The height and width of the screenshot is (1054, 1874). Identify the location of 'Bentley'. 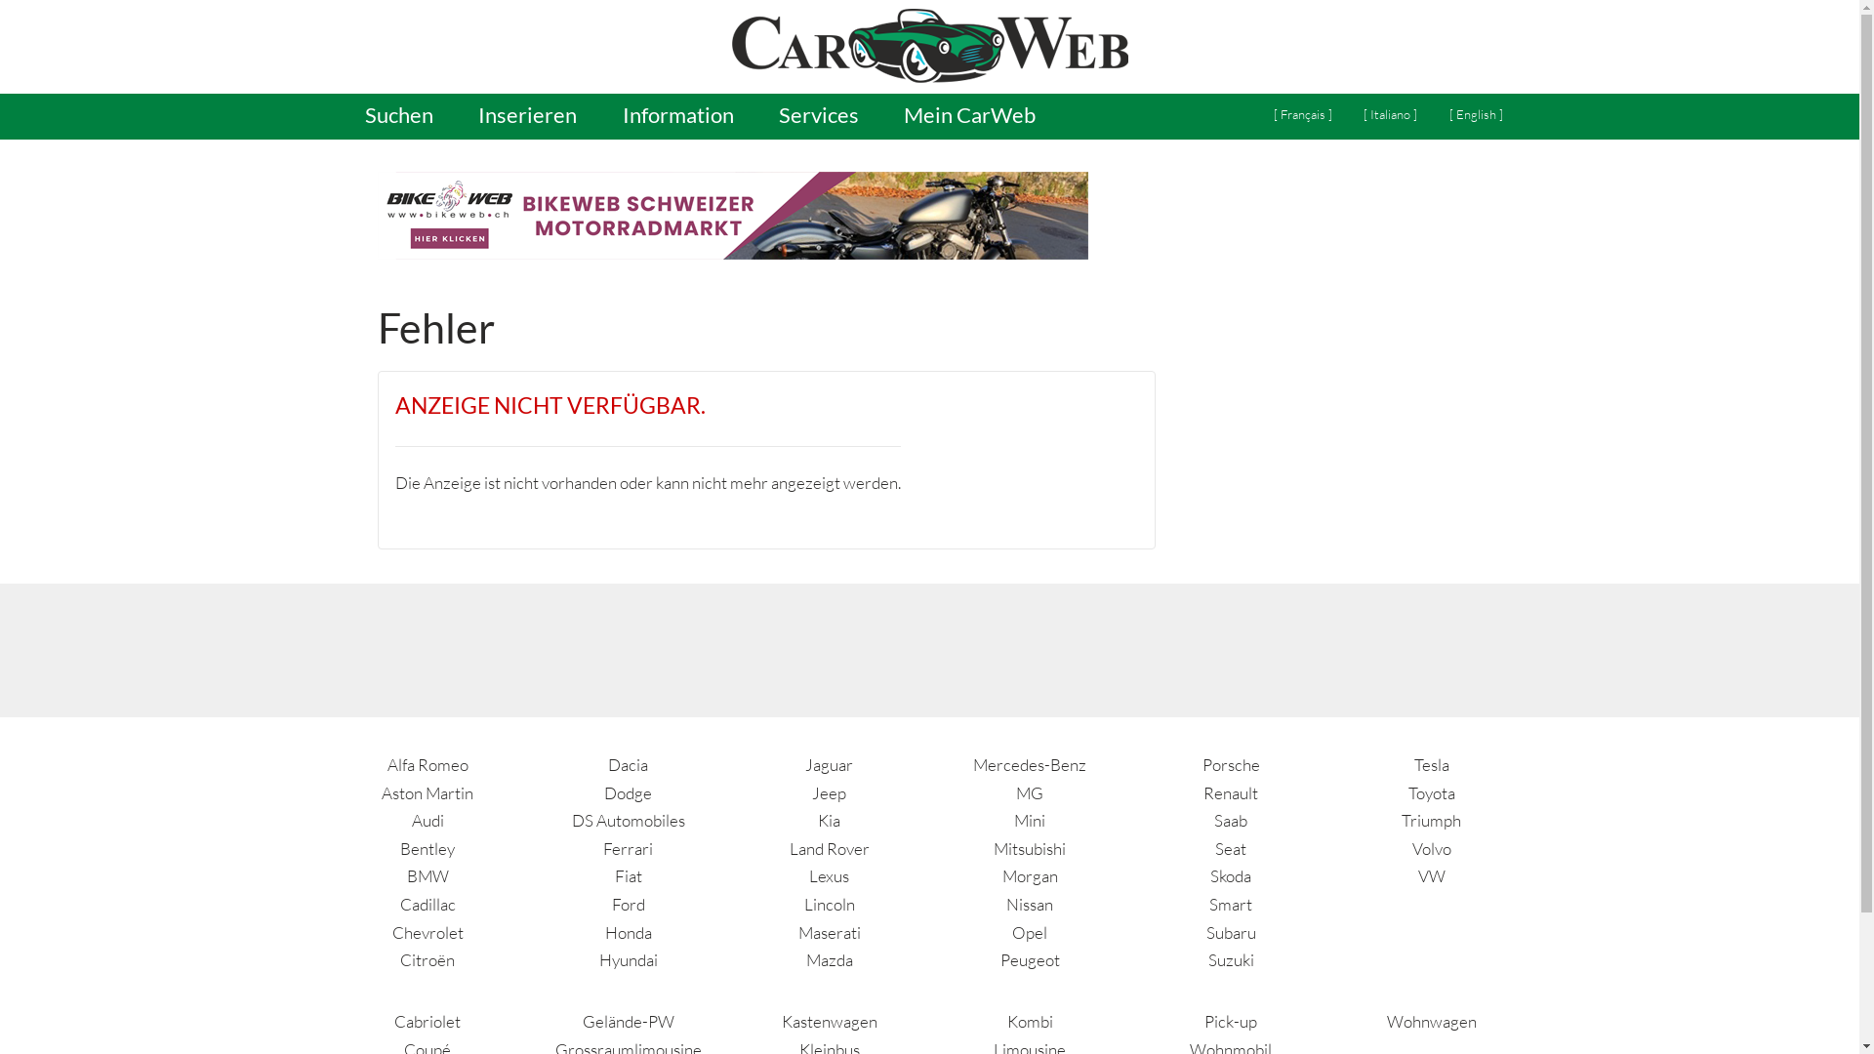
(426, 847).